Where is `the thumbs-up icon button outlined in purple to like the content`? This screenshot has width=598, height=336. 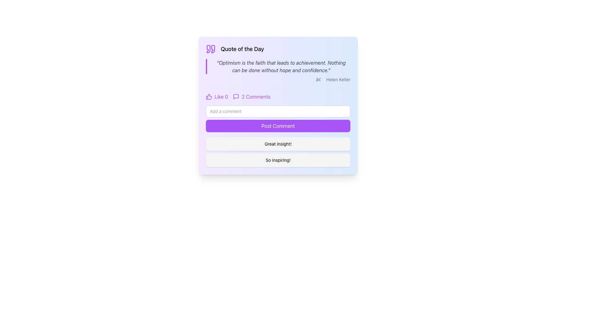 the thumbs-up icon button outlined in purple to like the content is located at coordinates (209, 97).